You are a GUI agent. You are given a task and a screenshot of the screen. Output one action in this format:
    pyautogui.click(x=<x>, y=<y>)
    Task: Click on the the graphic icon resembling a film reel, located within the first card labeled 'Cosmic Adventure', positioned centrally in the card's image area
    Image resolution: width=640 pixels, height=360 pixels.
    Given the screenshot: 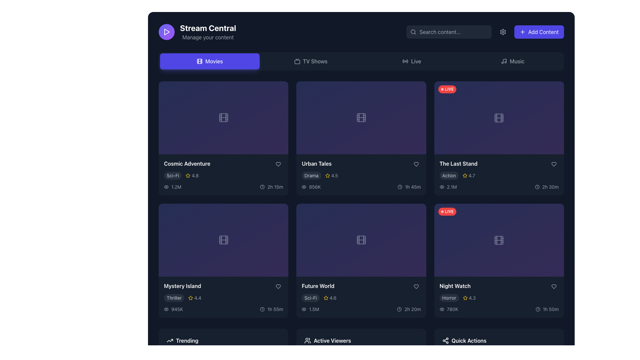 What is the action you would take?
    pyautogui.click(x=223, y=117)
    